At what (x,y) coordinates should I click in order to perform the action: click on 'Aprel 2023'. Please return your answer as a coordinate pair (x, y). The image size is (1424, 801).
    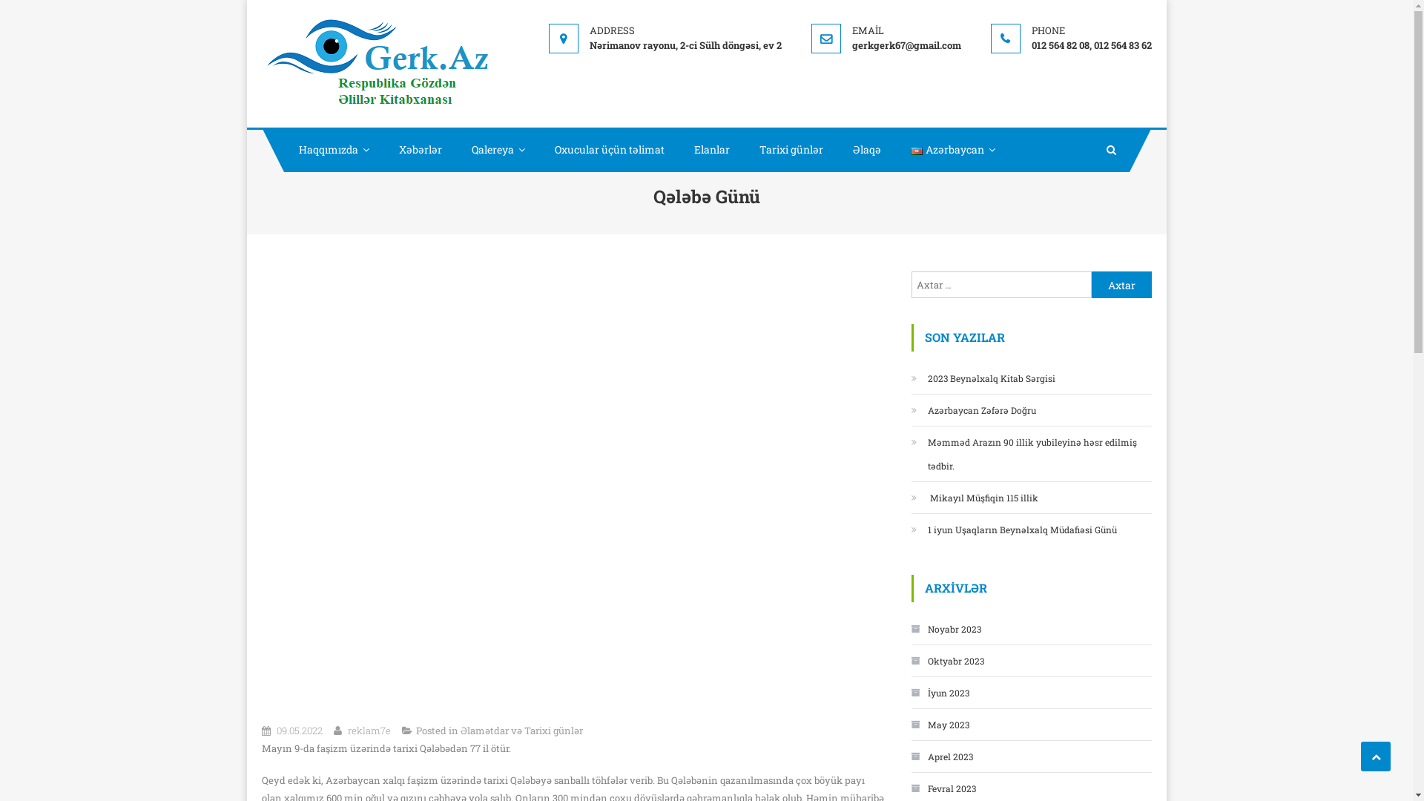
    Looking at the image, I should click on (940, 756).